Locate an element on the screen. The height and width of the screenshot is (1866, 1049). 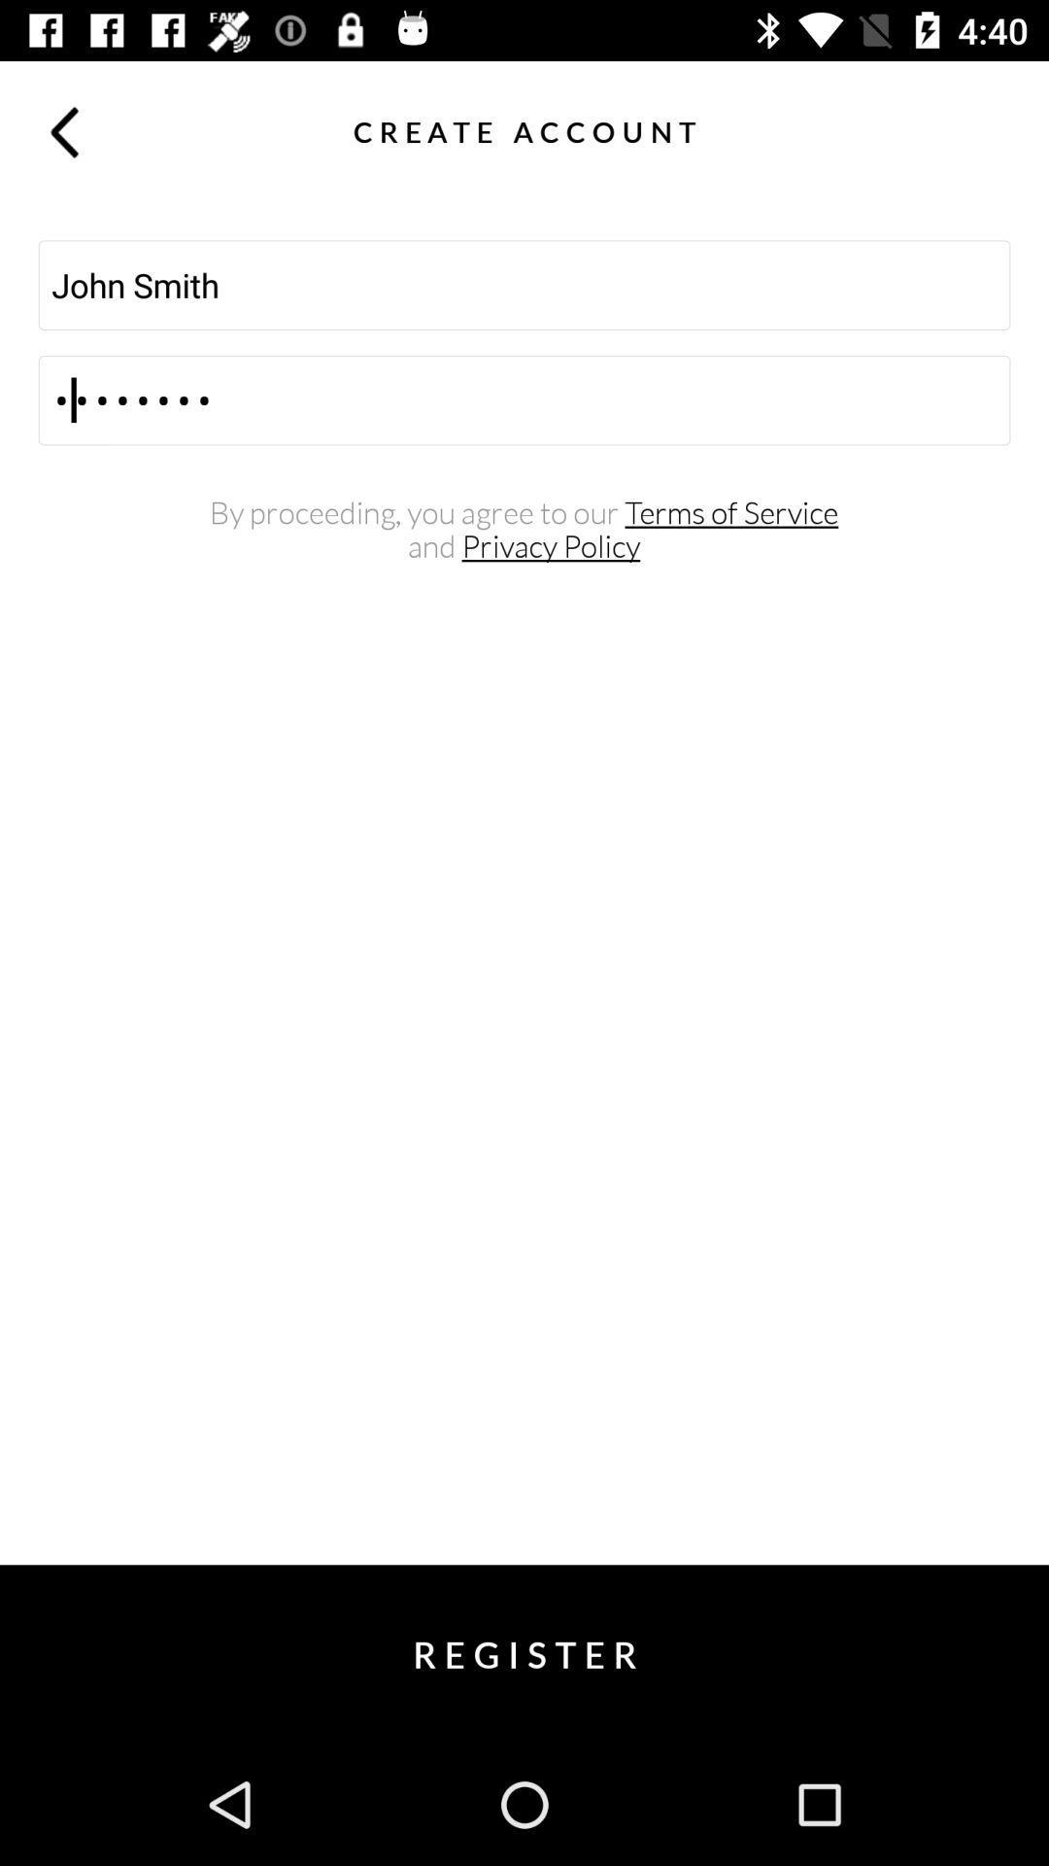
the item above and privacy policy item is located at coordinates (523, 513).